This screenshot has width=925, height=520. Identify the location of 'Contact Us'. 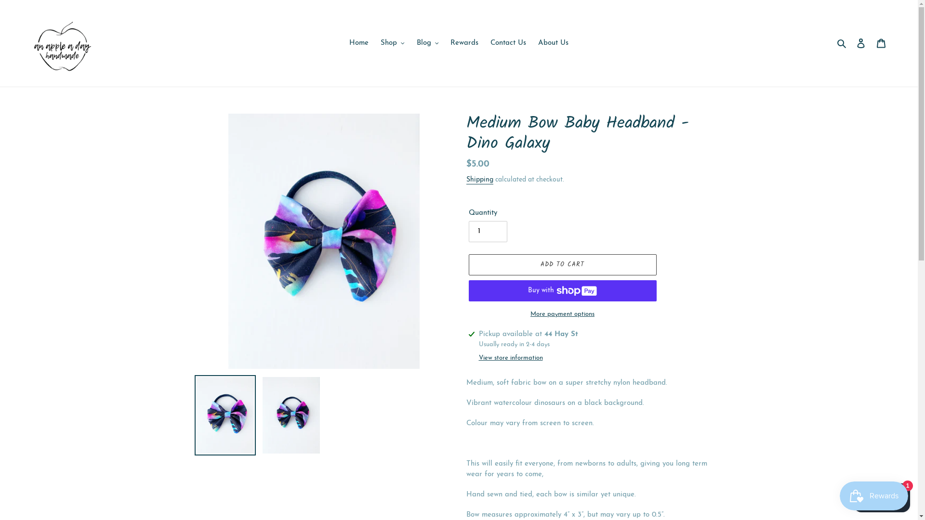
(508, 43).